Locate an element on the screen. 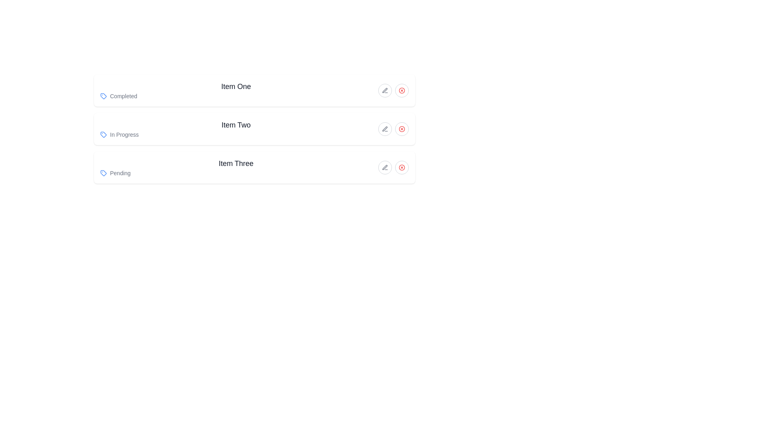  the status icon located to the left of the text 'Completed' in the top row of the list interface is located at coordinates (103, 95).